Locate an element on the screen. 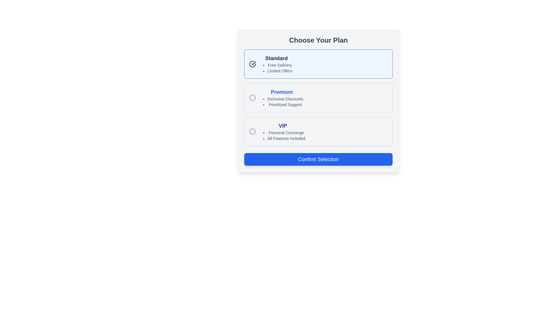 Image resolution: width=551 pixels, height=309 pixels. the light gray radio button indicator (circle) located in the 'Premium' section below the 'Choose Your Plan' title is located at coordinates (252, 98).